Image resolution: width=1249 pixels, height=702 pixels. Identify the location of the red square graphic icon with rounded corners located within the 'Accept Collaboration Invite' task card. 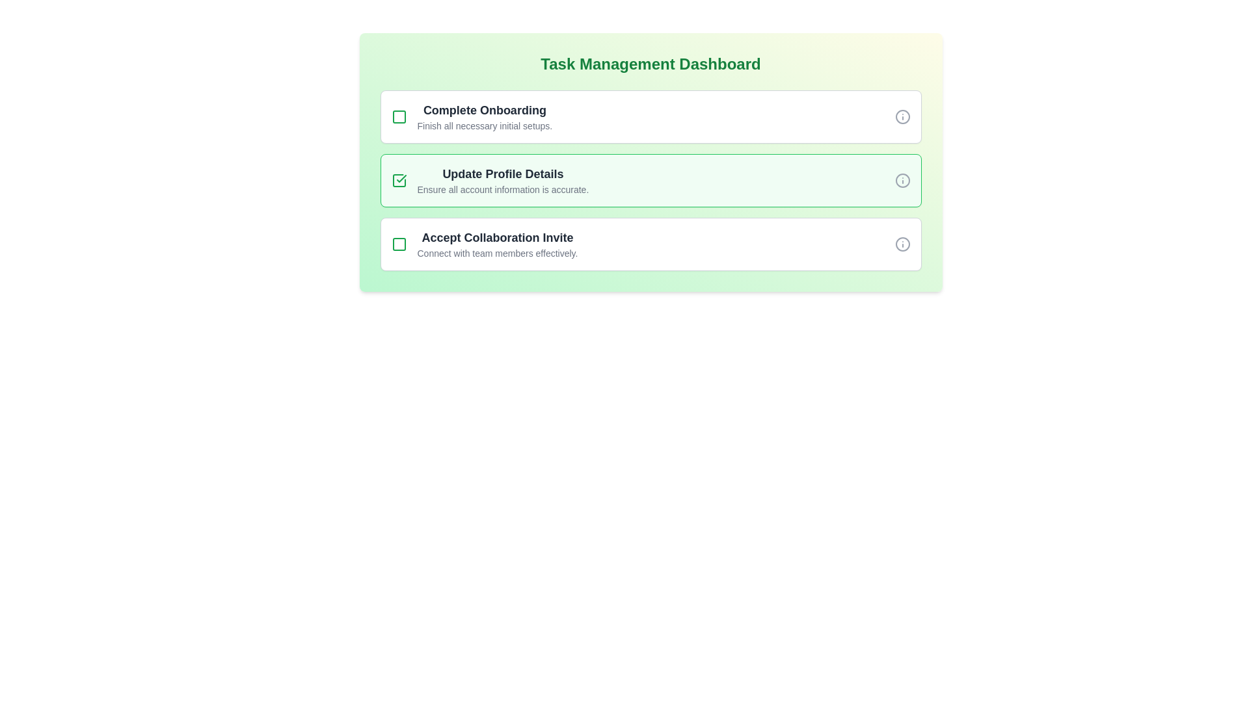
(398, 244).